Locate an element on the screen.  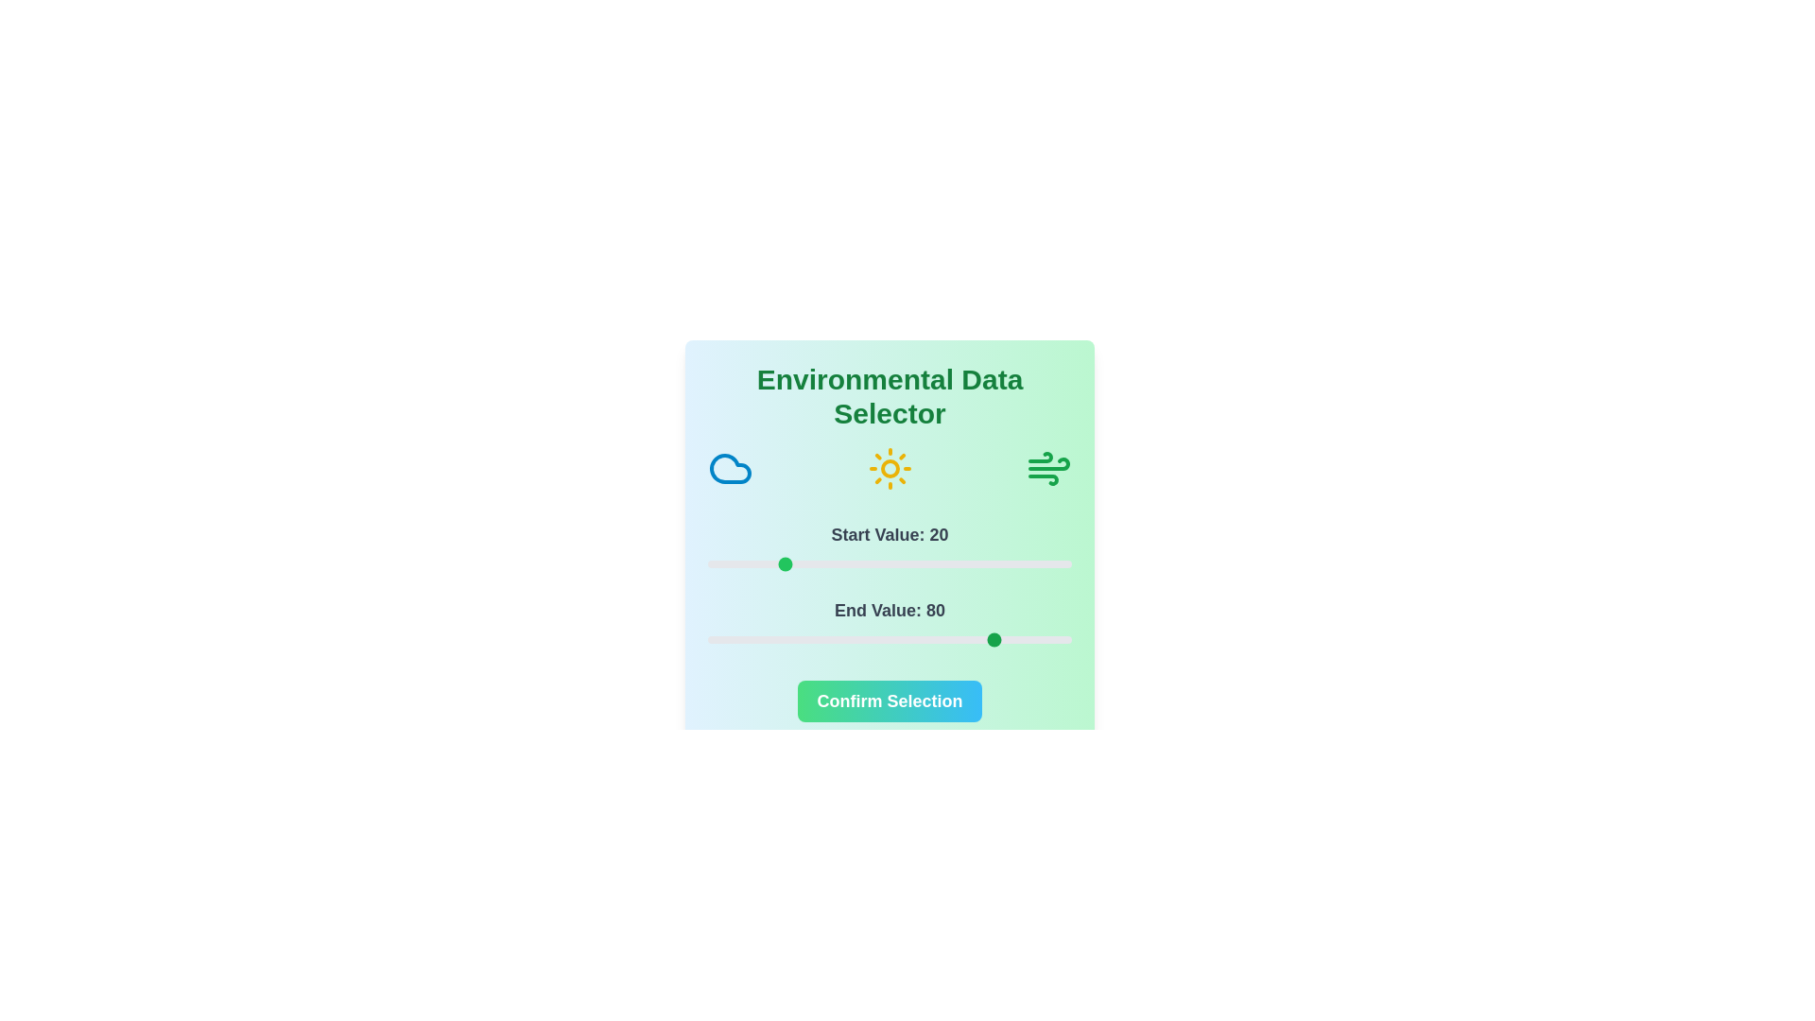
the End Value slider is located at coordinates (1016, 639).